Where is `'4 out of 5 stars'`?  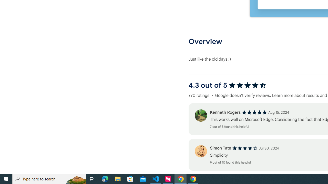
'4 out of 5 stars' is located at coordinates (245, 148).